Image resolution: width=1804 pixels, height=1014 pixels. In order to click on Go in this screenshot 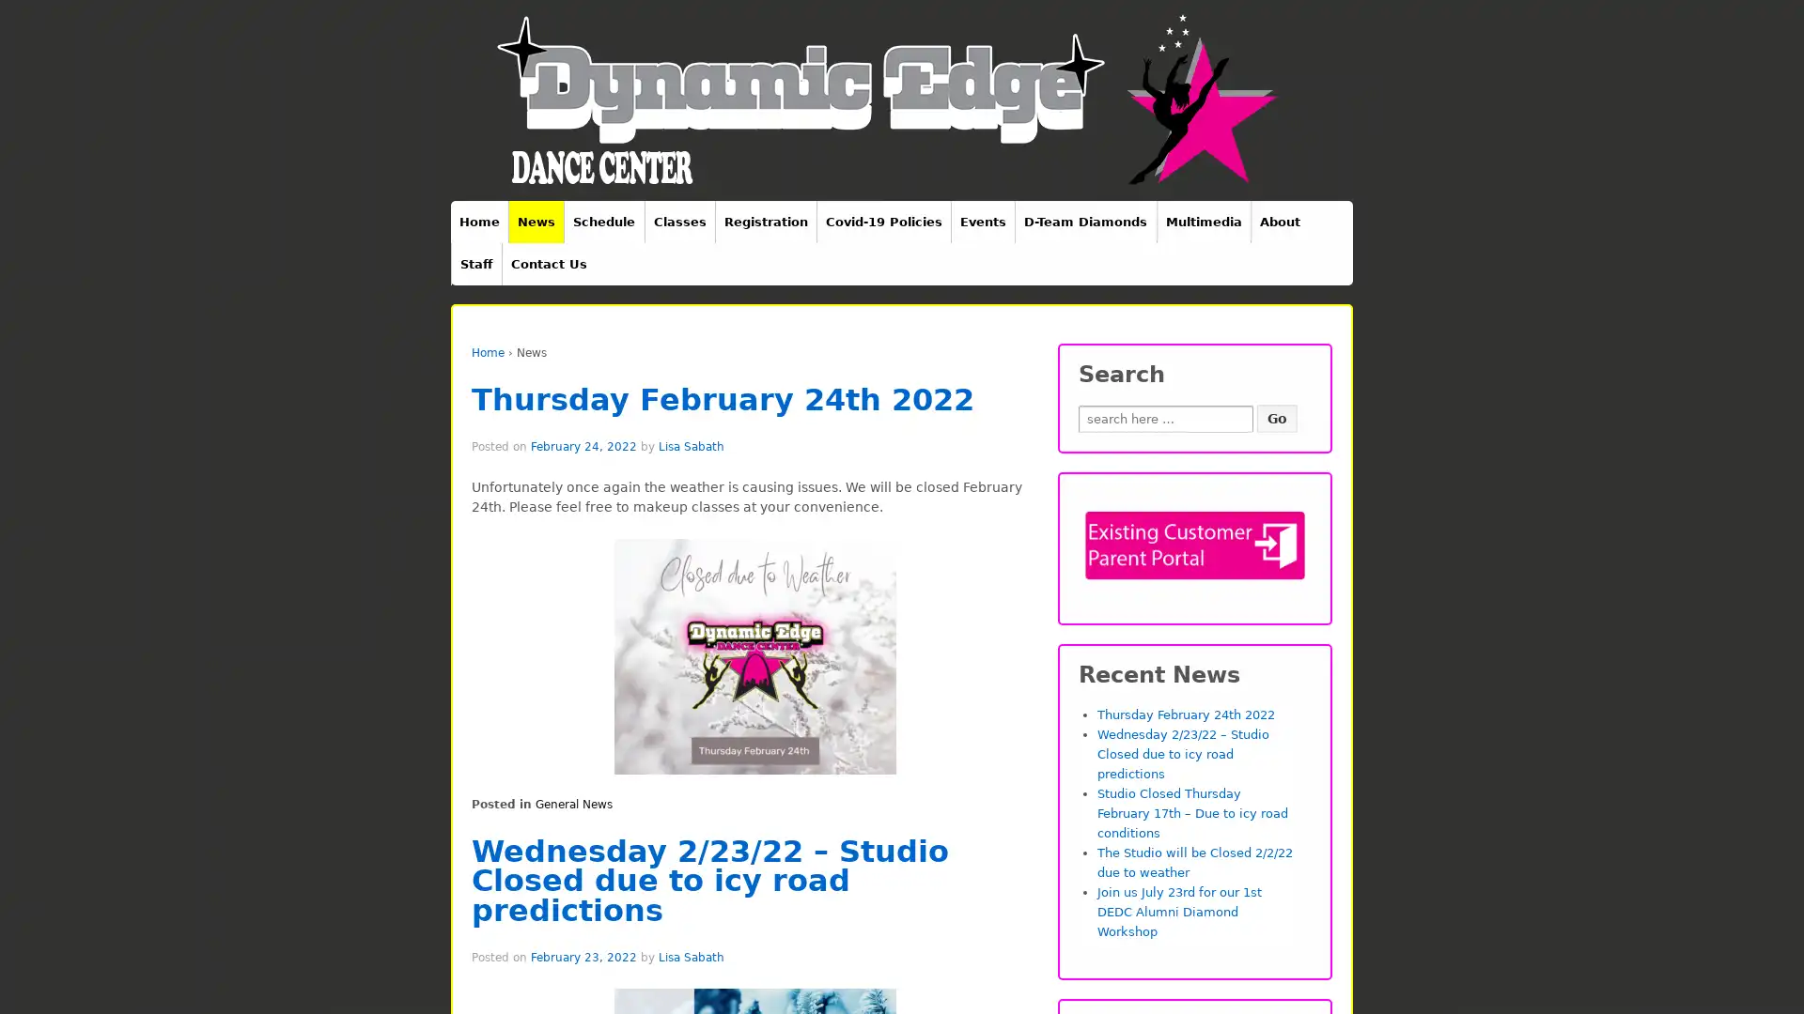, I will do `click(1276, 418)`.